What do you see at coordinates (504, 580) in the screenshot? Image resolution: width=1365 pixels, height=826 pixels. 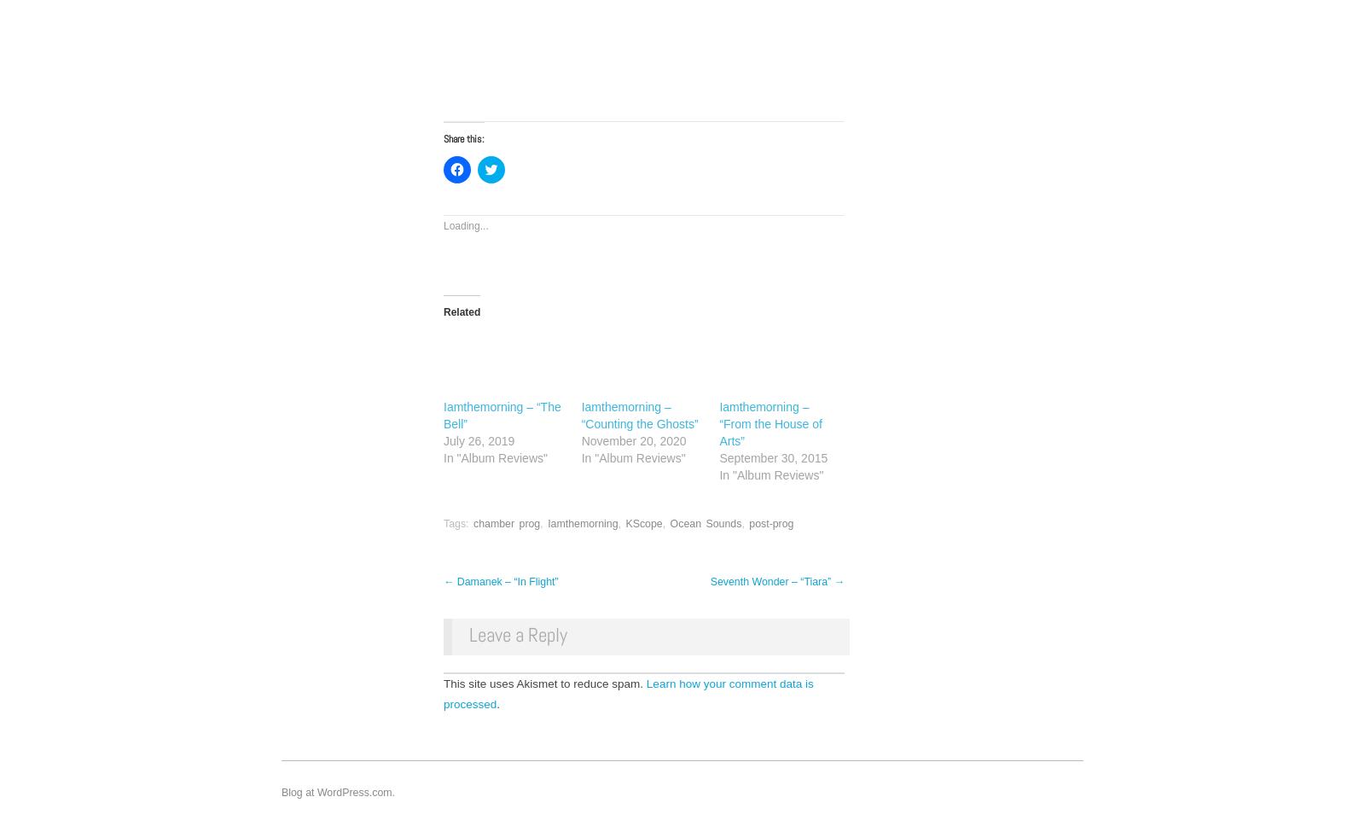 I see `'Damanek – “In Flight”'` at bounding box center [504, 580].